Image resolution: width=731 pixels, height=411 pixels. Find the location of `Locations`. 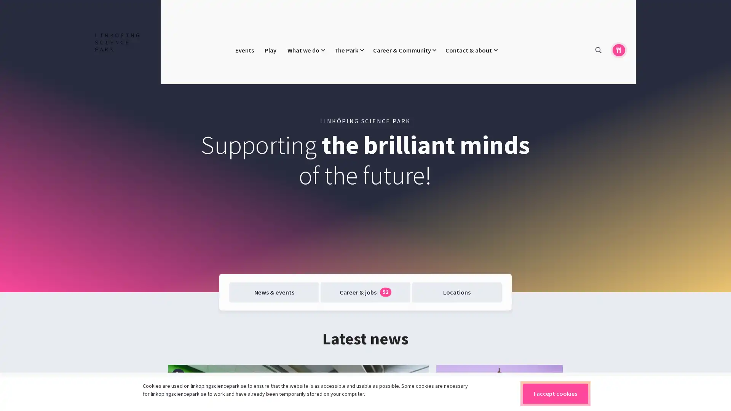

Locations is located at coordinates (456, 292).